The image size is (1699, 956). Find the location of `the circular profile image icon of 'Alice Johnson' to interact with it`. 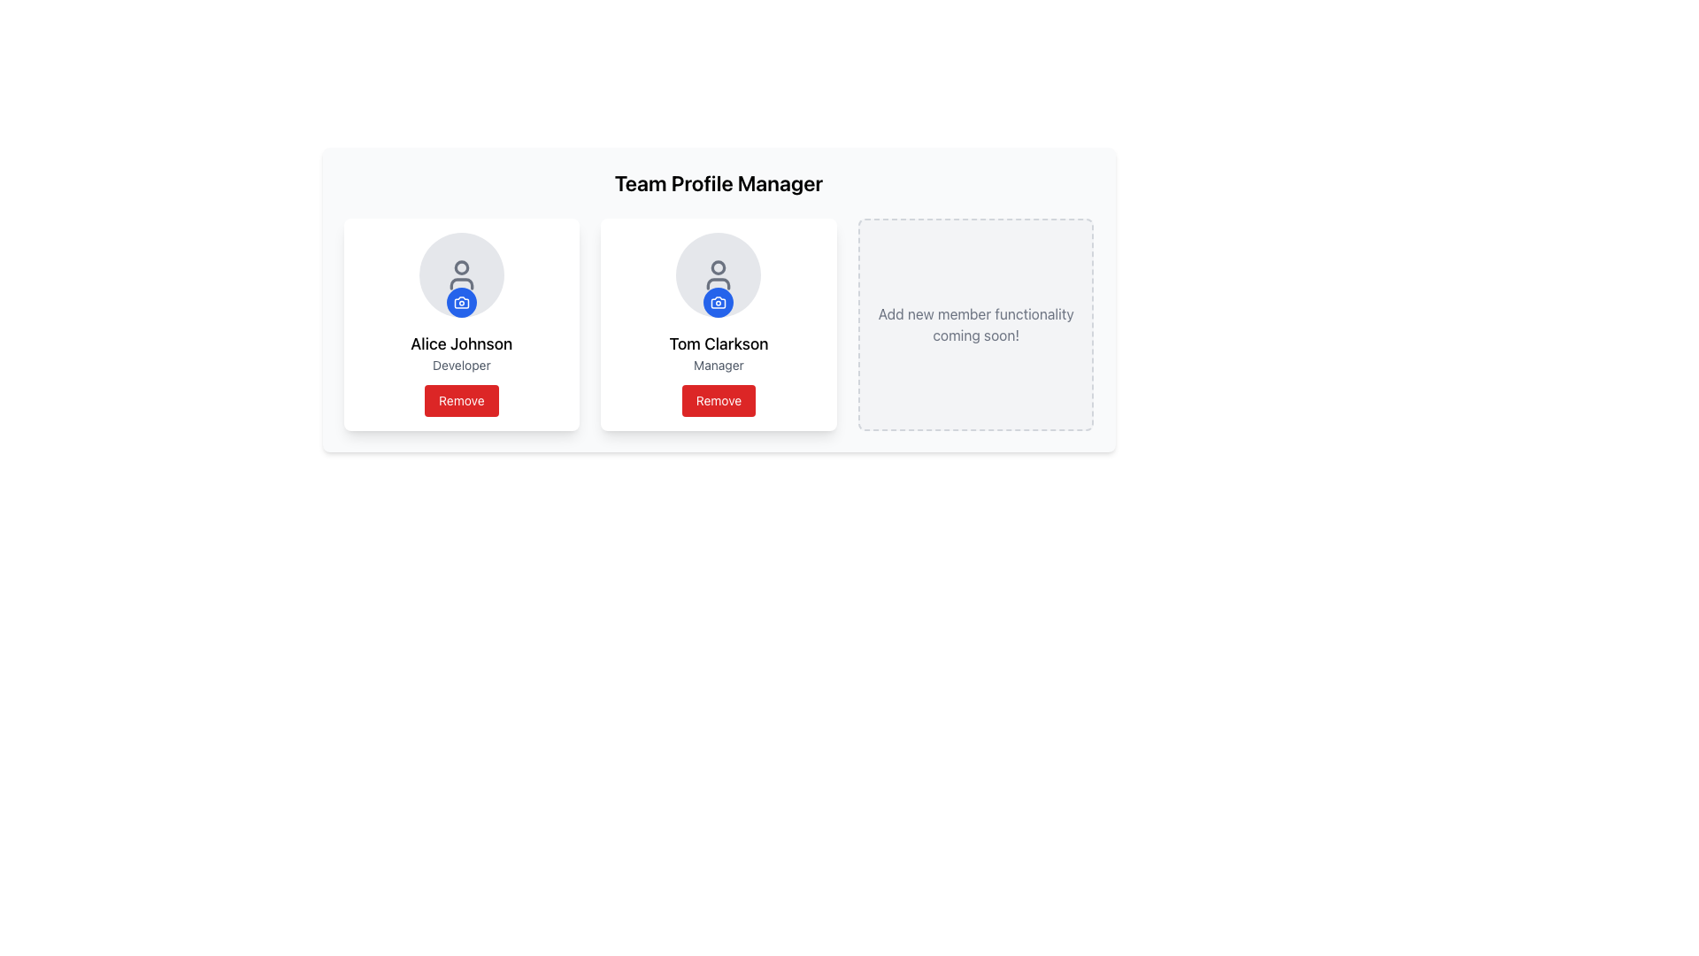

the circular profile image icon of 'Alice Johnson' to interact with it is located at coordinates (461, 275).